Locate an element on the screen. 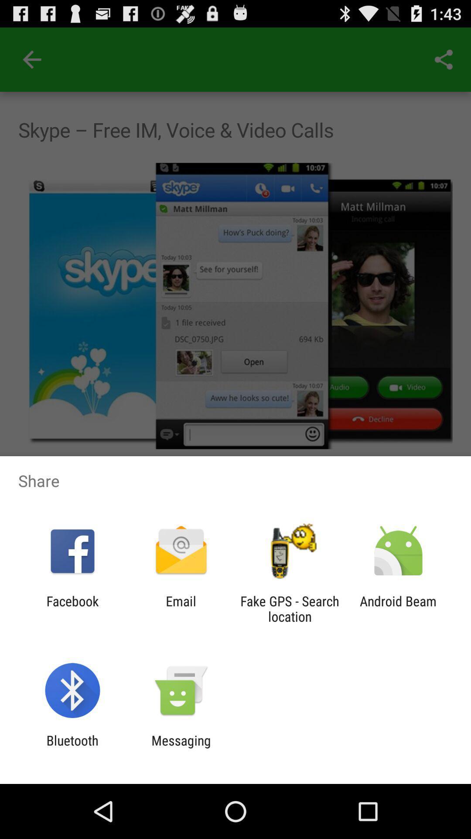  icon to the left of email app is located at coordinates (72, 608).